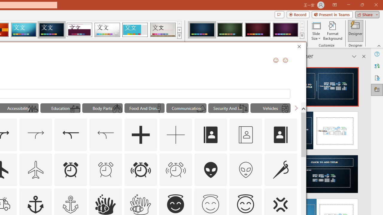 This screenshot has width=383, height=215. I want to click on 'AutomationID: Icons_UniversalAccess_M', so click(33, 109).